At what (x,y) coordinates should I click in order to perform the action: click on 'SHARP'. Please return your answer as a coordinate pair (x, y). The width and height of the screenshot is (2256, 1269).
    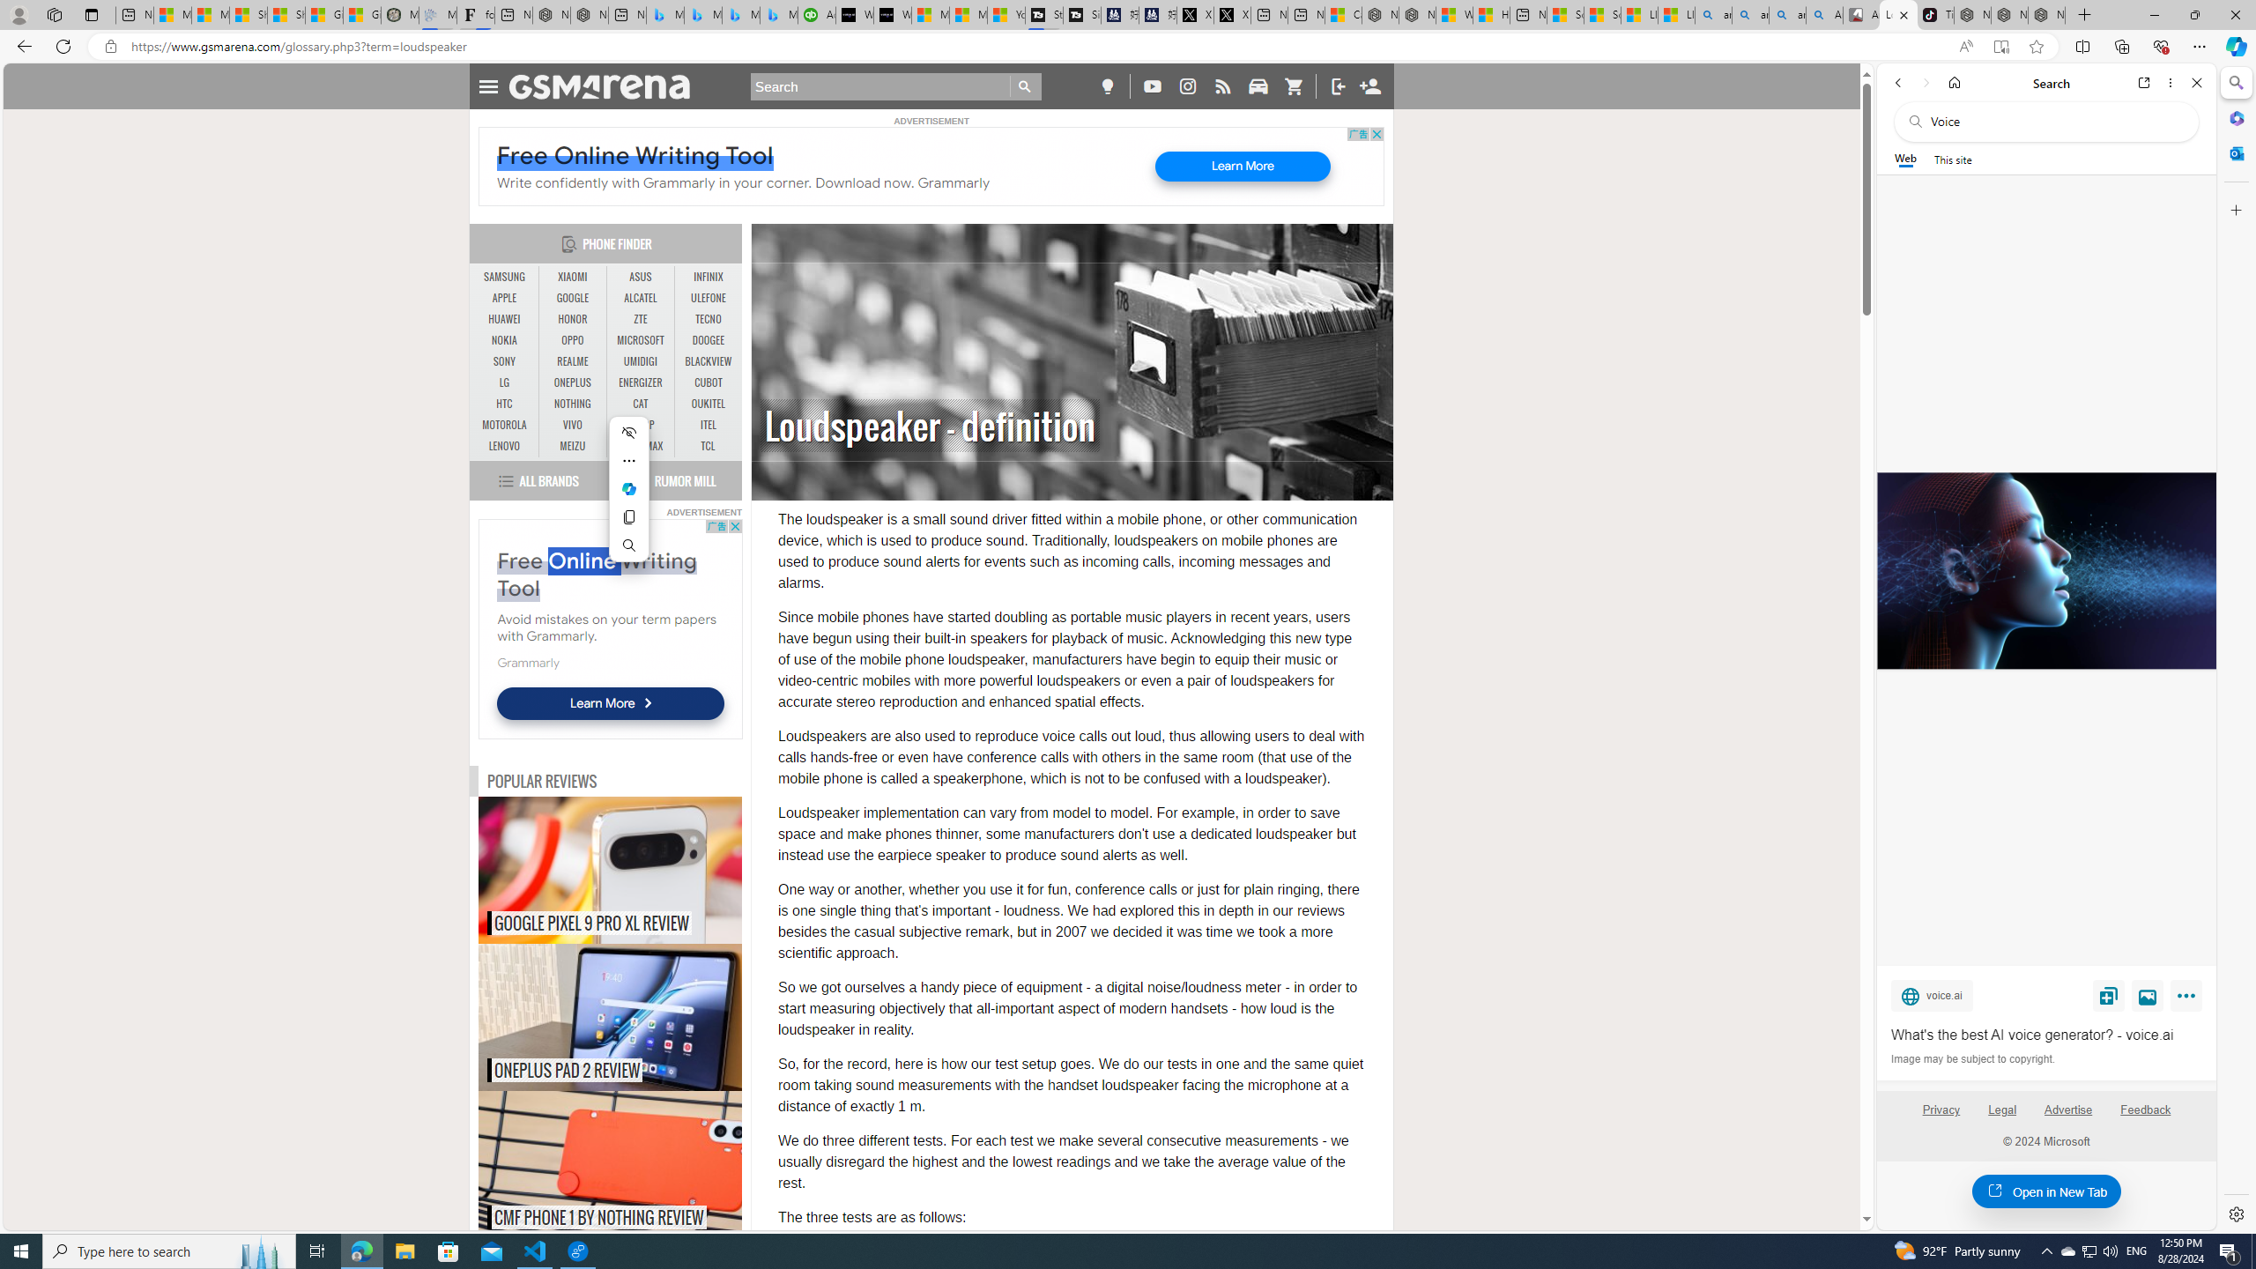
    Looking at the image, I should click on (640, 425).